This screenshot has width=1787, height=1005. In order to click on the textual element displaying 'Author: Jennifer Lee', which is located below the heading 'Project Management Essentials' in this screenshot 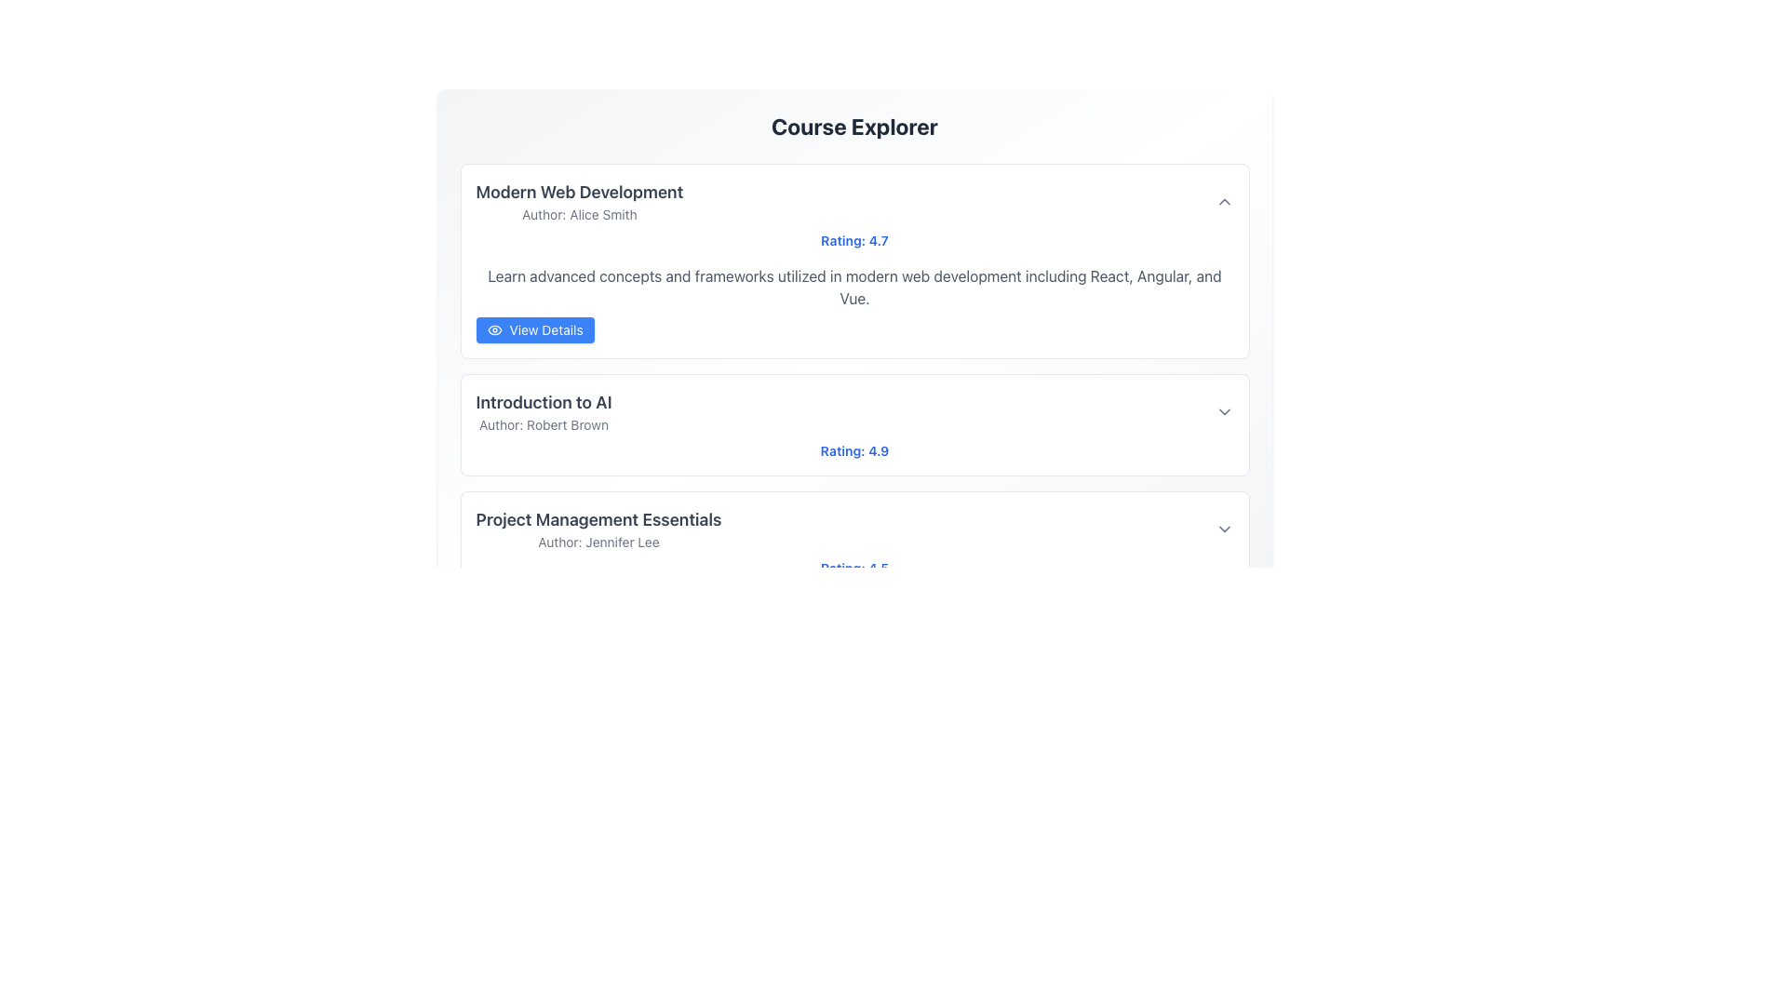, I will do `click(598, 542)`.